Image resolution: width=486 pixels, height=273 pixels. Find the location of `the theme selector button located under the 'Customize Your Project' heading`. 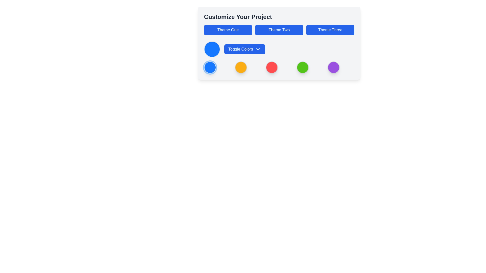

the theme selector button located under the 'Customize Your Project' heading is located at coordinates (279, 30).